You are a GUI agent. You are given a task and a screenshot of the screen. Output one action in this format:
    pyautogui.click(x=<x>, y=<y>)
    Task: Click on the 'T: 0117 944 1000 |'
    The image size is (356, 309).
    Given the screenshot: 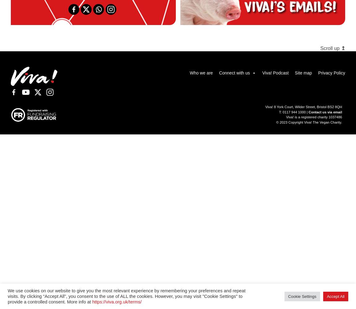 What is the action you would take?
    pyautogui.click(x=279, y=112)
    